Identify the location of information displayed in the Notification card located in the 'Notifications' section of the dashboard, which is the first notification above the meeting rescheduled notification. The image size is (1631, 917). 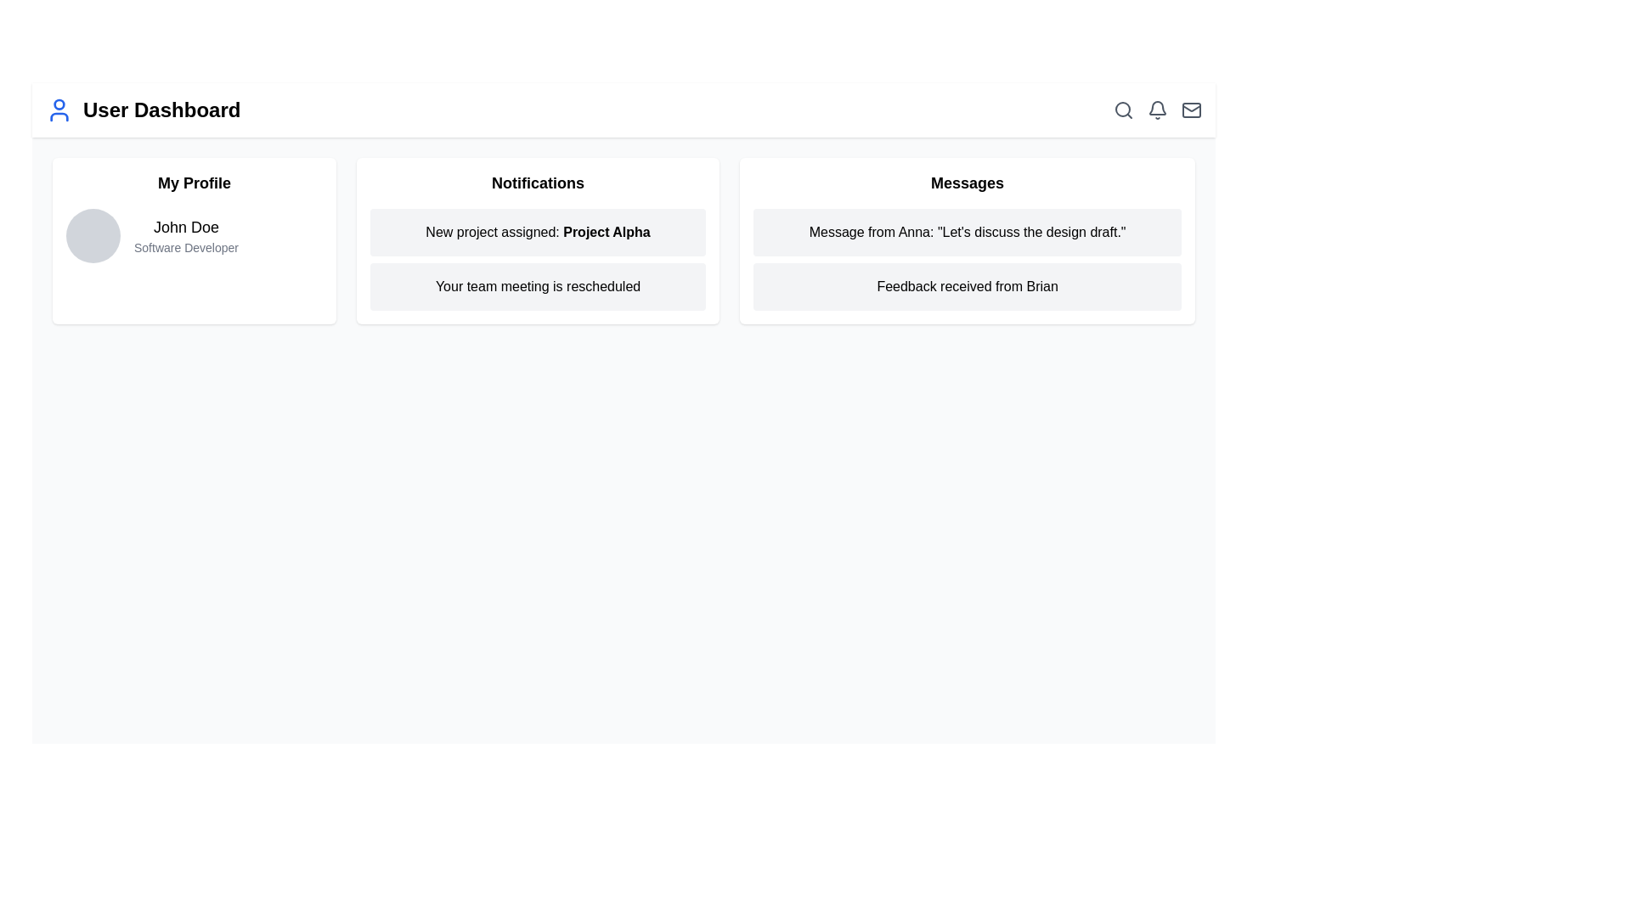
(537, 232).